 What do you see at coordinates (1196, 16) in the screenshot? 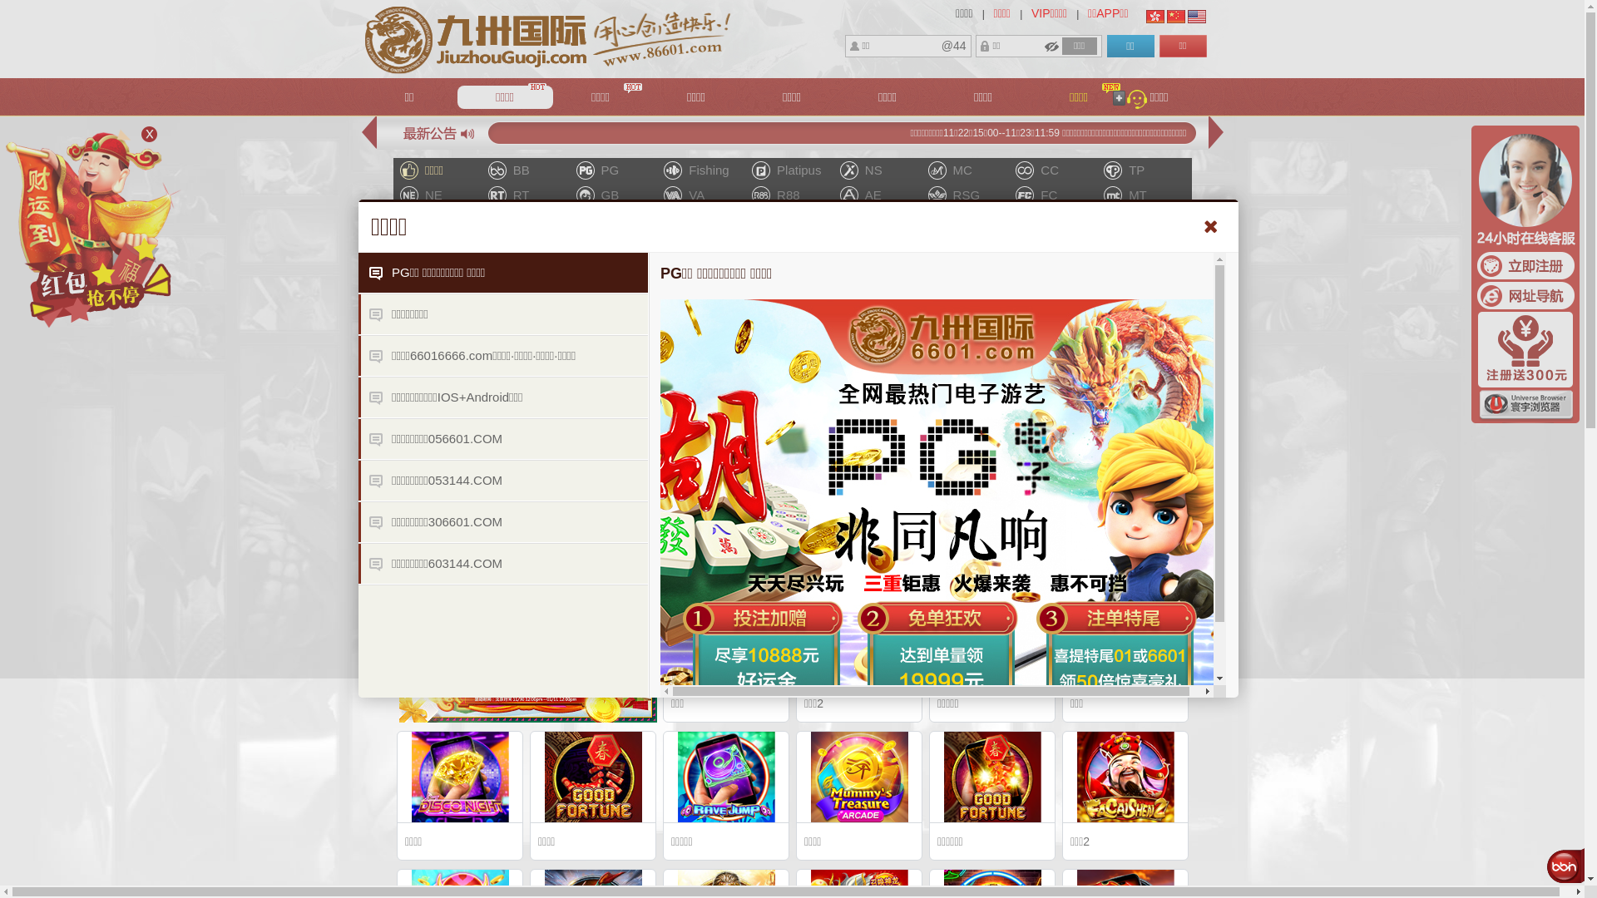
I see `'English'` at bounding box center [1196, 16].